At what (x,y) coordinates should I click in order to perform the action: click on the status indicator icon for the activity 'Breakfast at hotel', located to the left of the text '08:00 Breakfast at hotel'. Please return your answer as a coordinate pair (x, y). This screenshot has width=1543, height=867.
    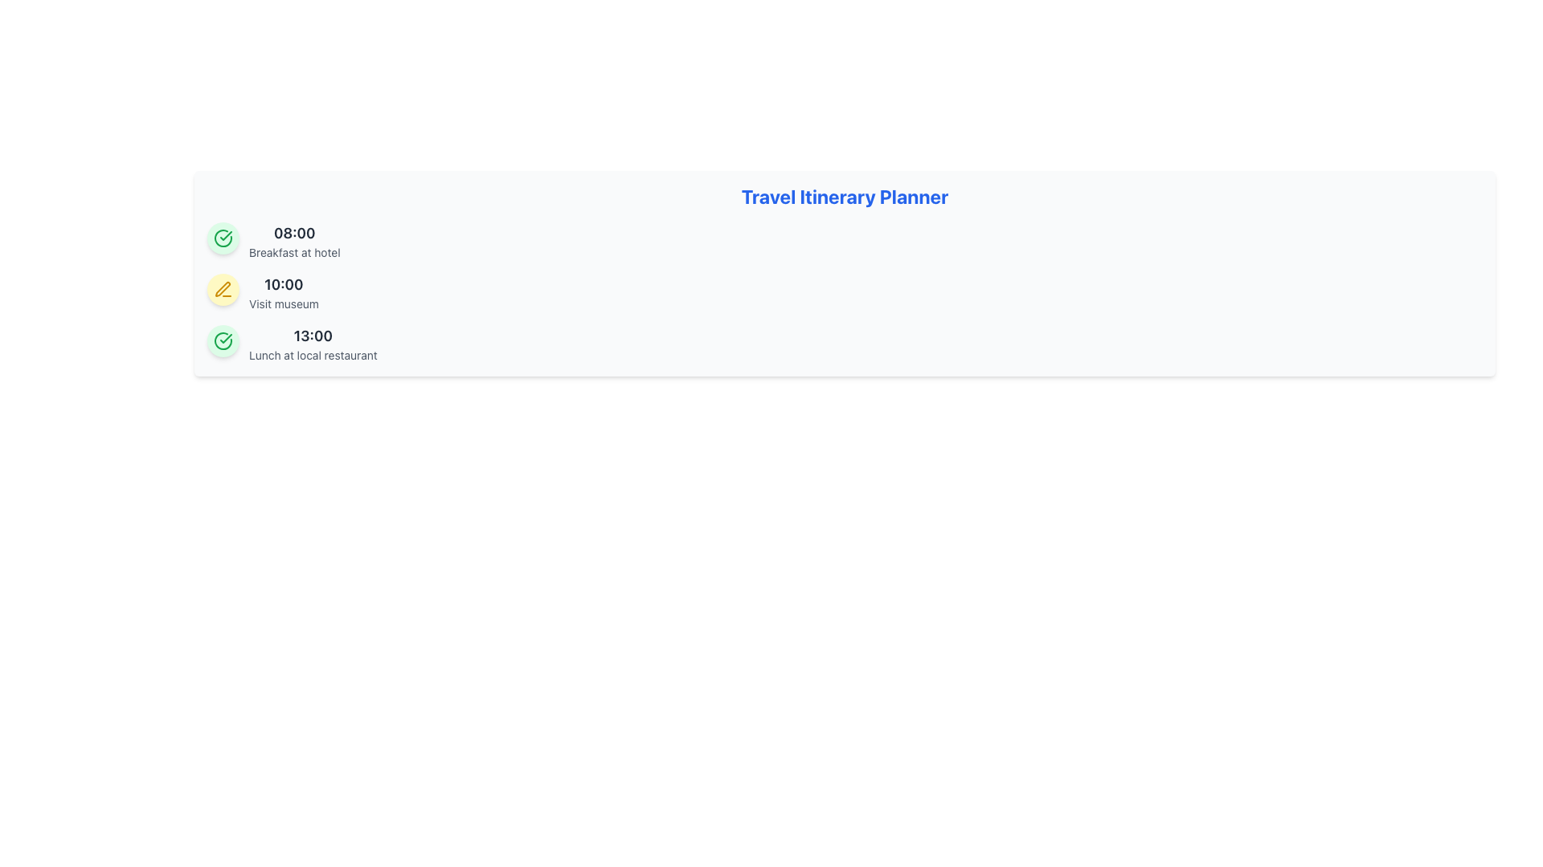
    Looking at the image, I should click on (223, 238).